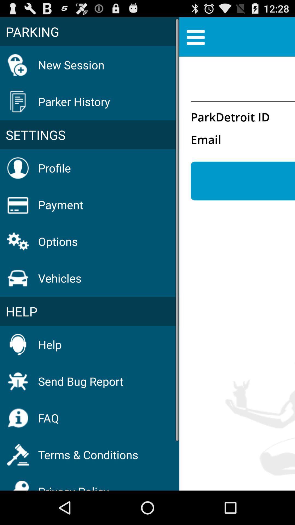 This screenshot has width=295, height=525. I want to click on the options icon, so click(58, 241).